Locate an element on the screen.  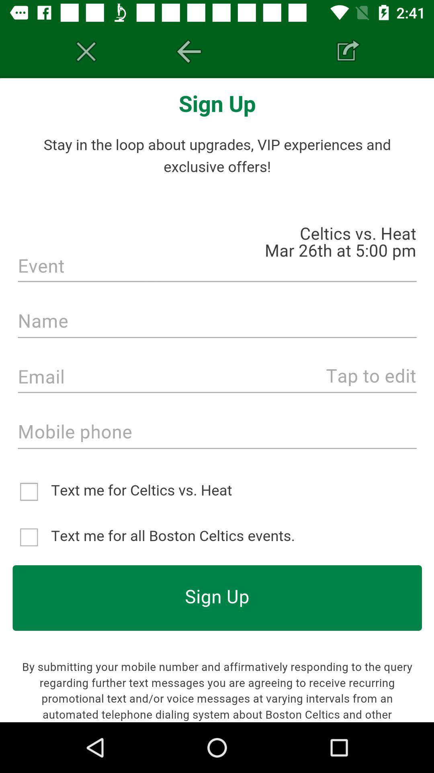
share is located at coordinates (347, 51).